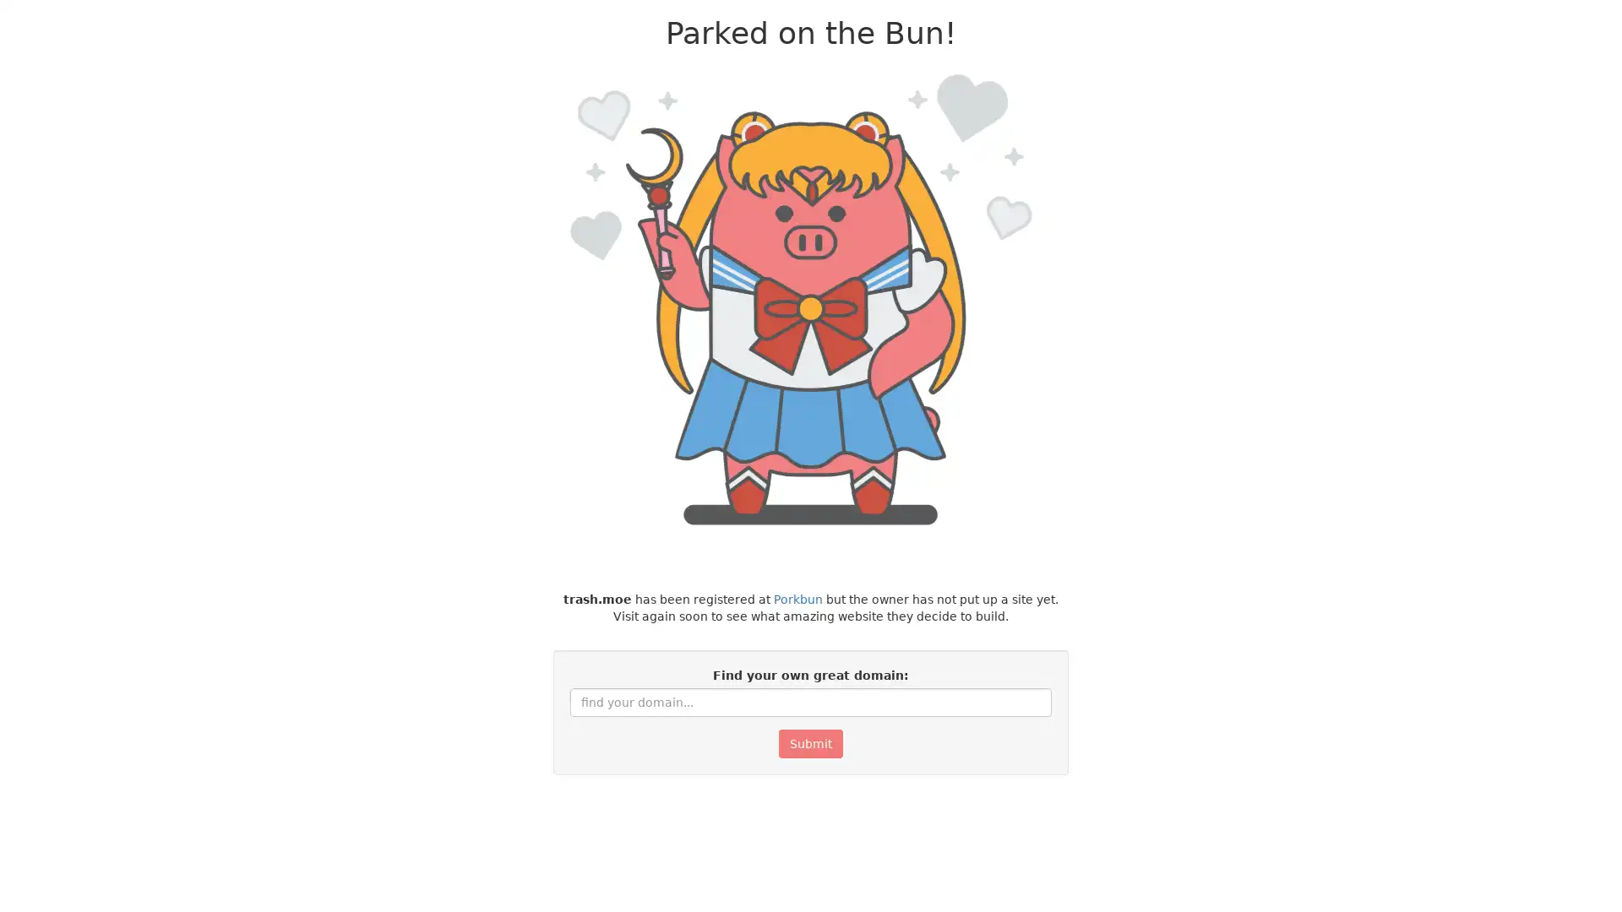  I want to click on Submit, so click(809, 741).